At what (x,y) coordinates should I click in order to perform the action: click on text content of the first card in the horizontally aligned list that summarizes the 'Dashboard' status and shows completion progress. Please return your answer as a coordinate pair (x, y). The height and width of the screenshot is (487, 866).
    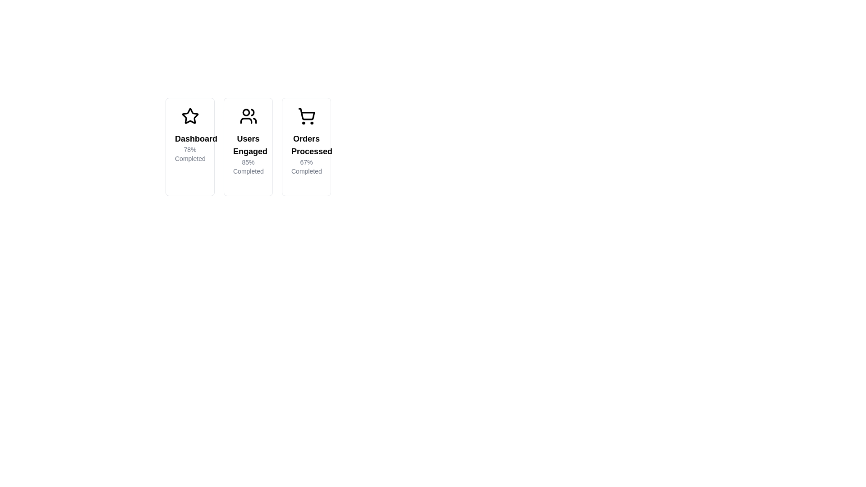
    Looking at the image, I should click on (189, 147).